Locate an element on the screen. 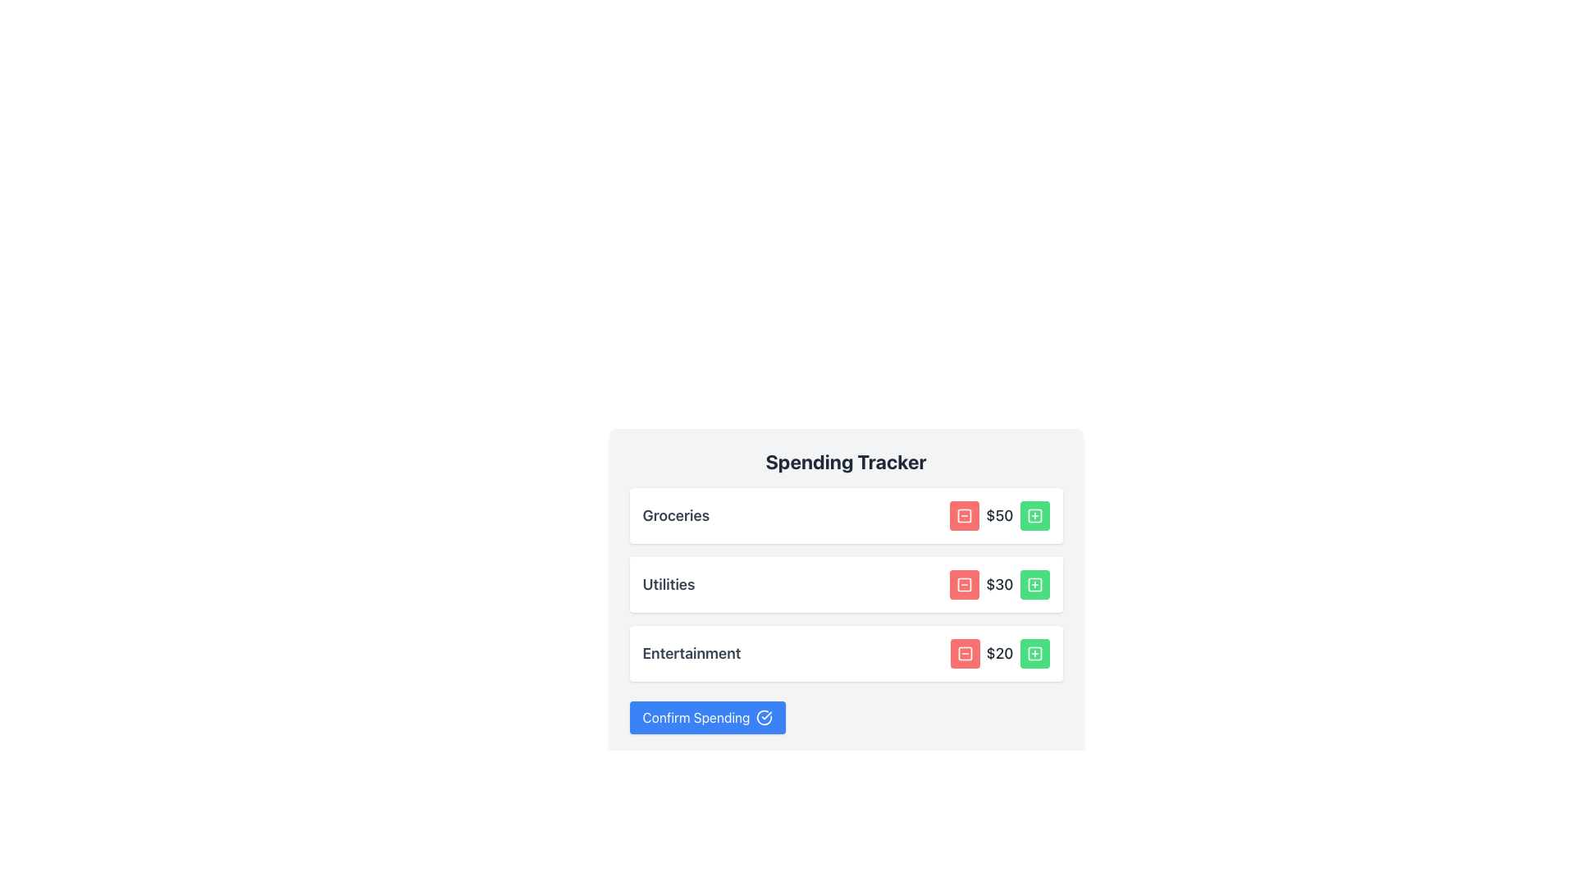  the small, rounded green button with a plus icon is located at coordinates (1034, 514).